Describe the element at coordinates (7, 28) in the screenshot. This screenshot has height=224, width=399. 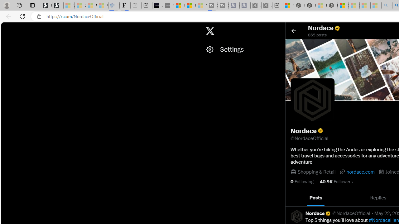
I see `'Skip to home timeline'` at that location.